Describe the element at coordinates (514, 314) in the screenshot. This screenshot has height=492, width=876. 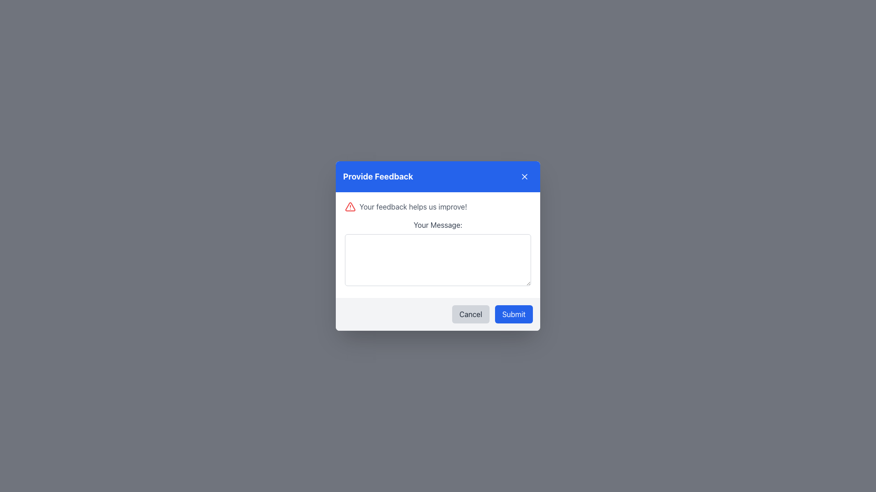
I see `the 'Submit' button with blue styling and white text located at the bottom-right corner of the modal dialog box` at that location.